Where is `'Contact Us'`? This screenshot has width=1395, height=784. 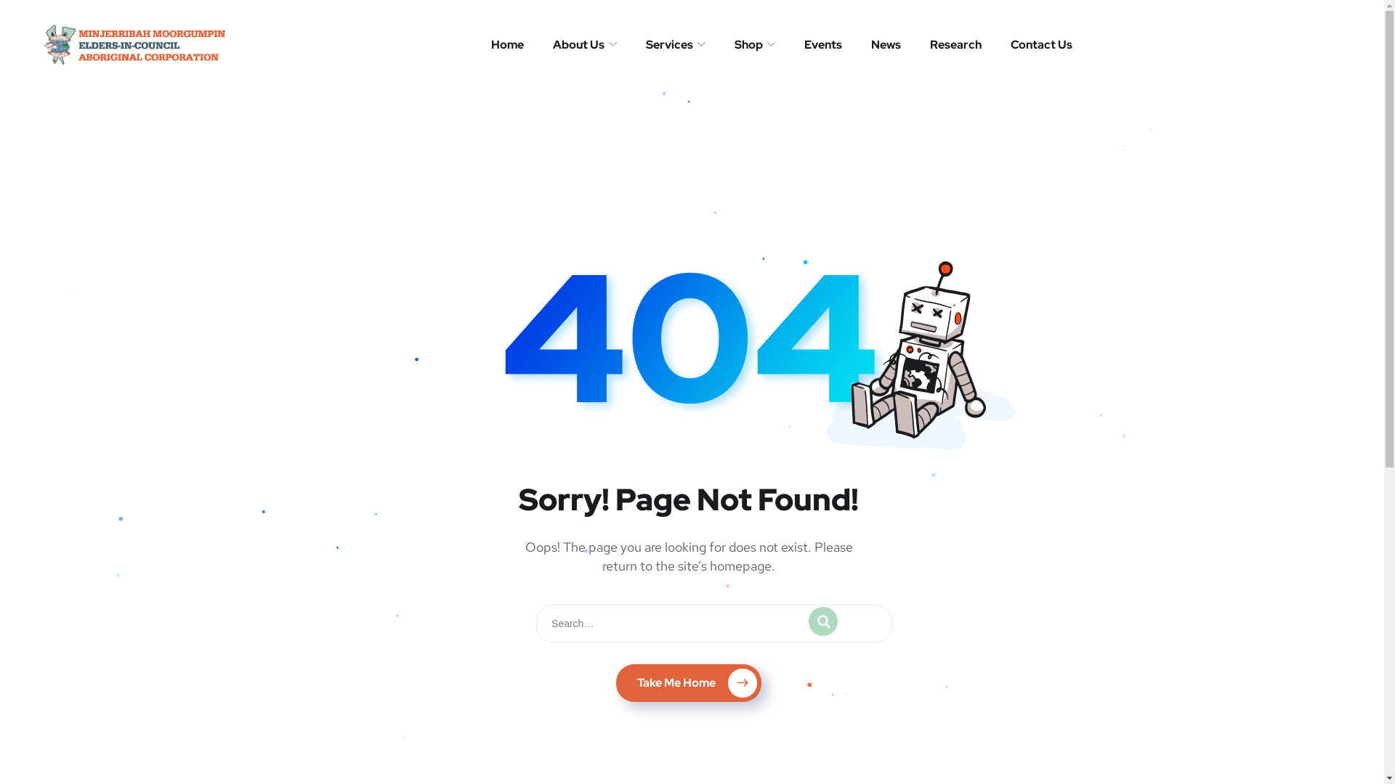
'Contact Us' is located at coordinates (1010, 44).